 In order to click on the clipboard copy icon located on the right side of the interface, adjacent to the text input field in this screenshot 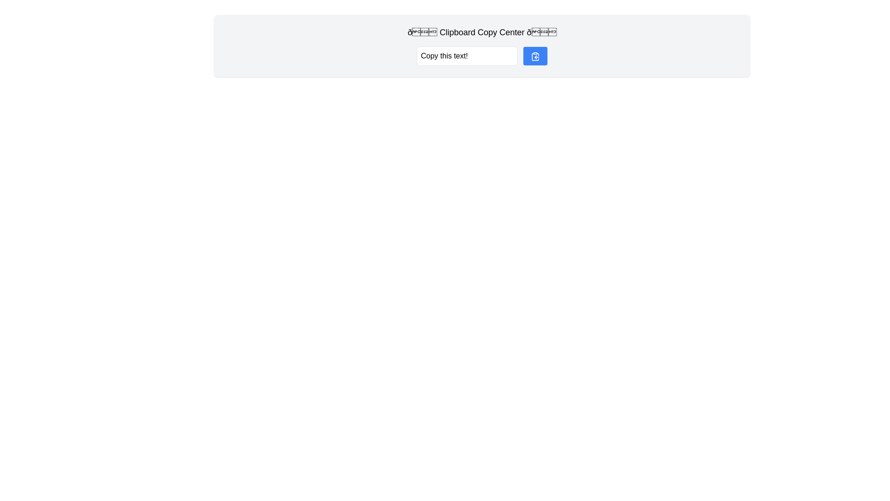, I will do `click(535, 56)`.